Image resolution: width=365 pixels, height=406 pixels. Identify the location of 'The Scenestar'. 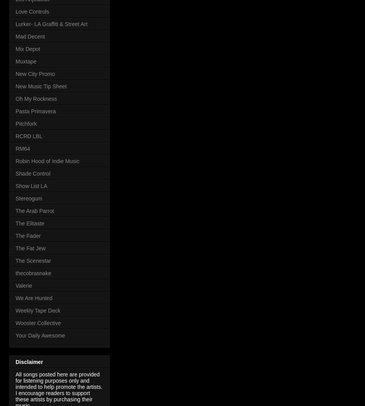
(33, 260).